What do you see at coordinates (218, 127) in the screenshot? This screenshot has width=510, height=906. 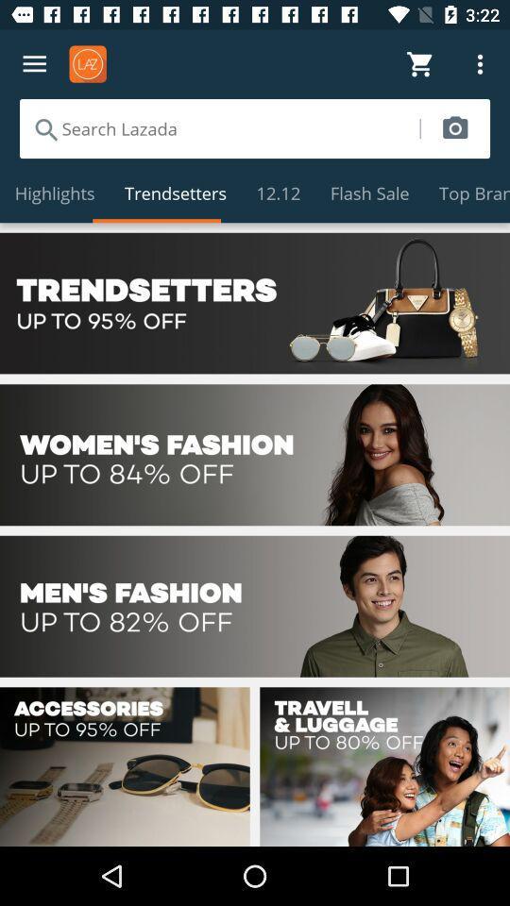 I see `search store` at bounding box center [218, 127].